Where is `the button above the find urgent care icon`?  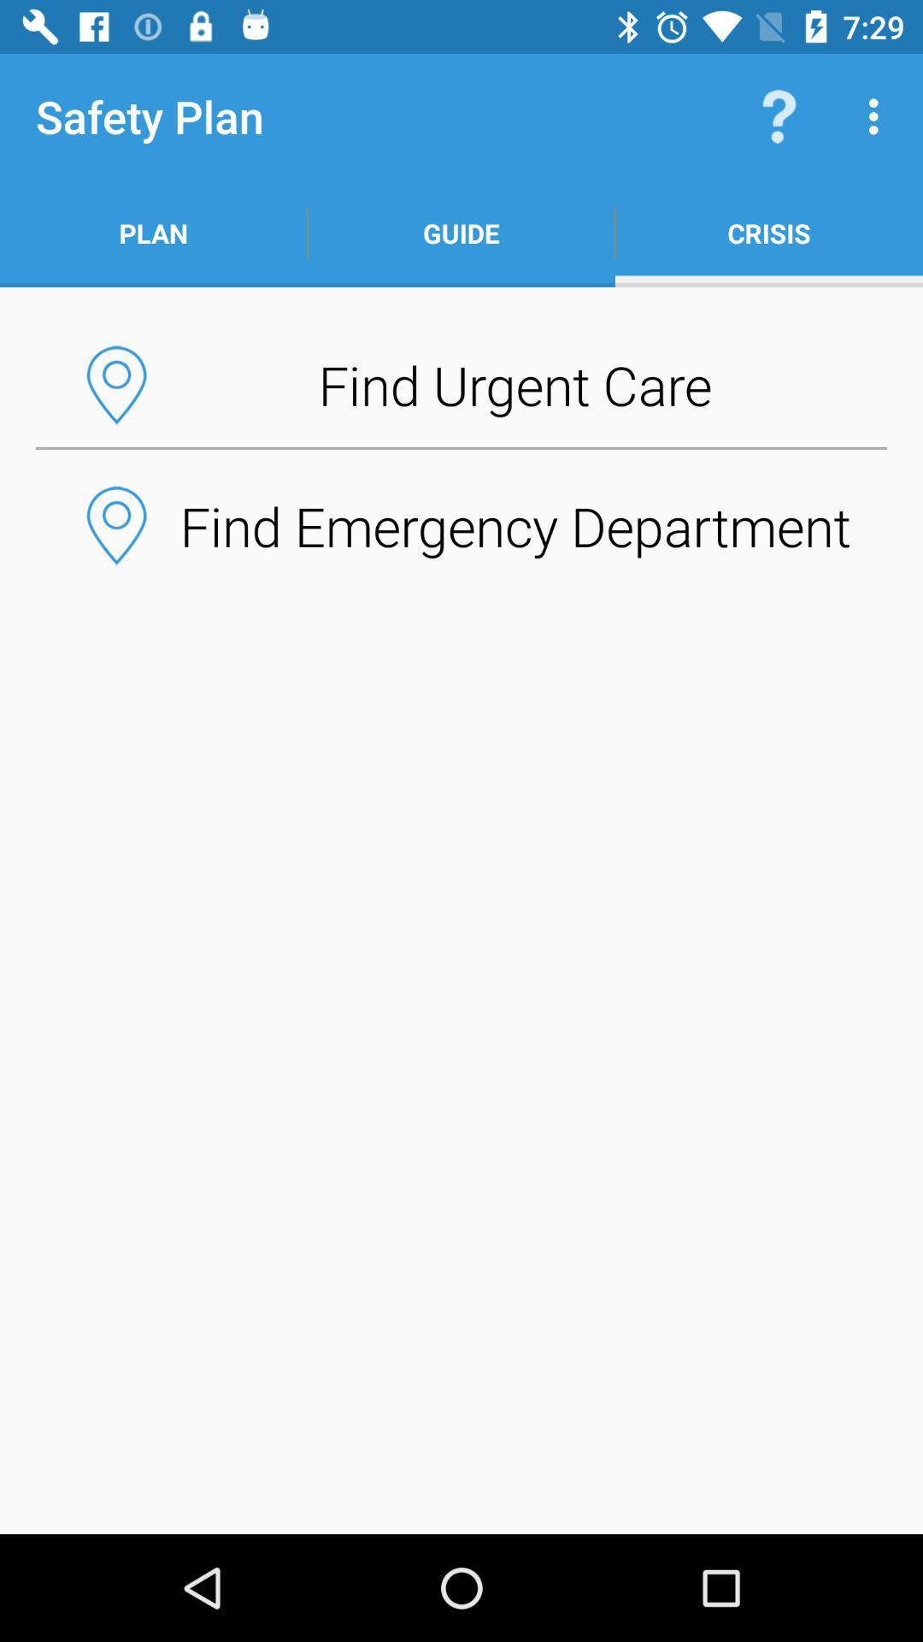 the button above the find urgent care icon is located at coordinates (767, 233).